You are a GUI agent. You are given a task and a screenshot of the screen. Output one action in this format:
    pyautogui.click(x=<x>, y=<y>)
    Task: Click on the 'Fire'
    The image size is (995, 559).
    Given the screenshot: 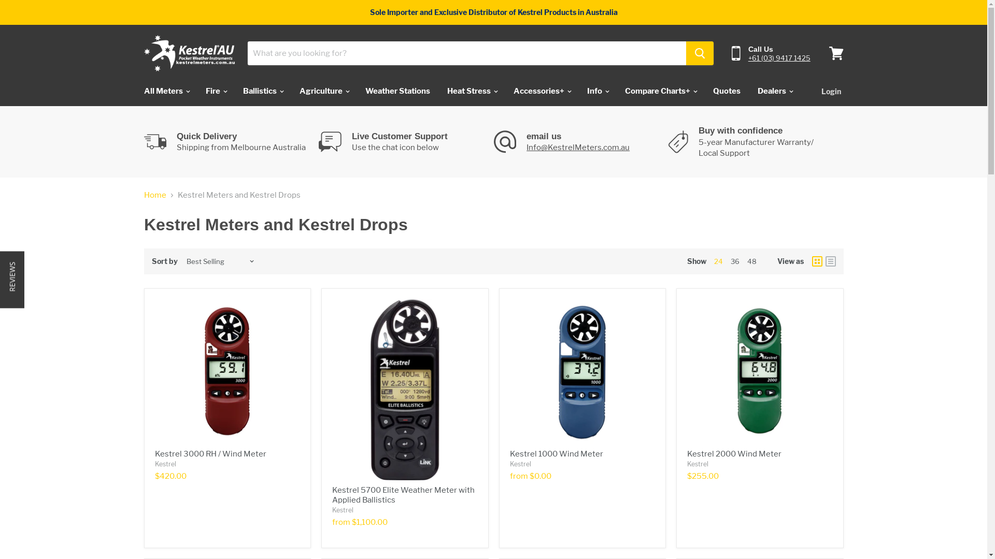 What is the action you would take?
    pyautogui.click(x=215, y=91)
    